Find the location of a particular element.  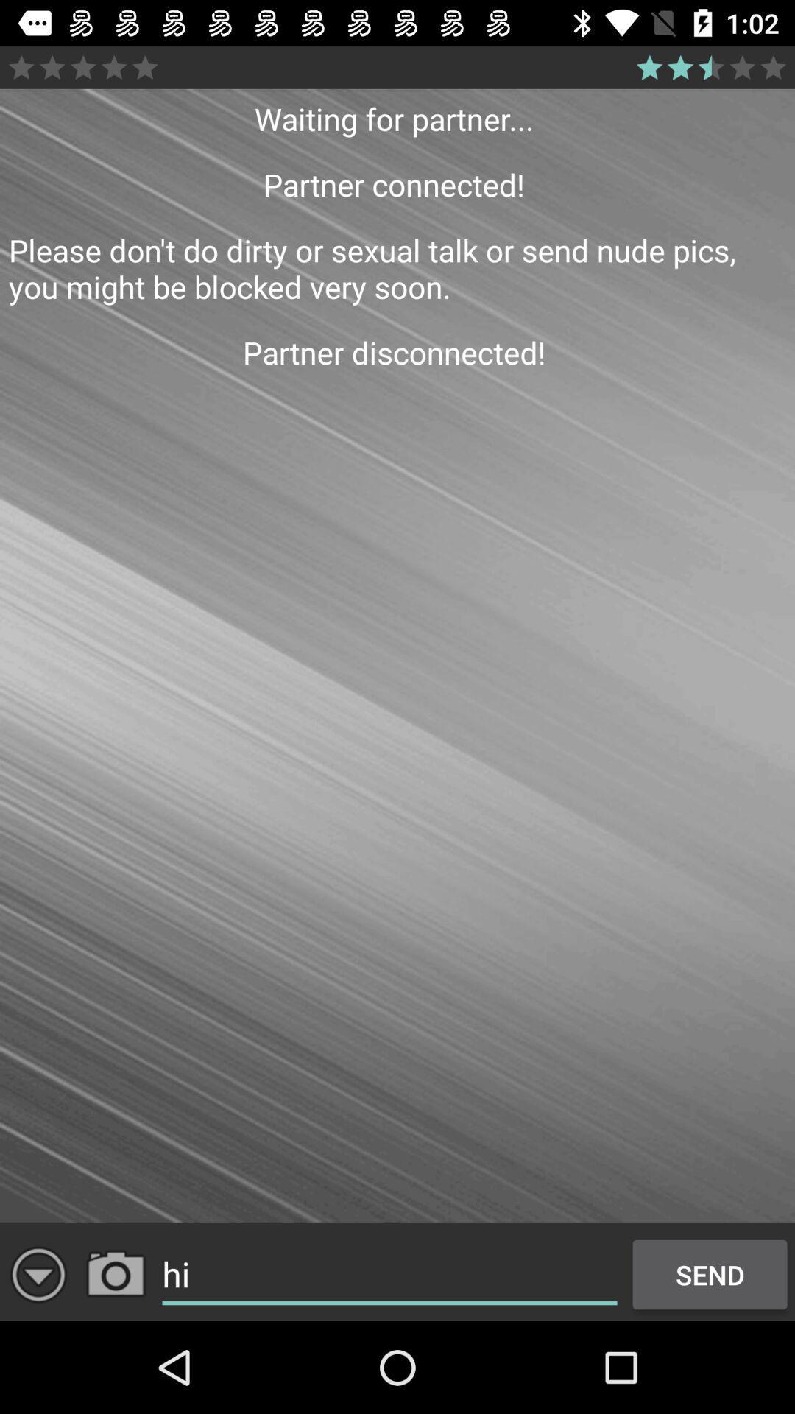

cemara is located at coordinates (115, 1274).